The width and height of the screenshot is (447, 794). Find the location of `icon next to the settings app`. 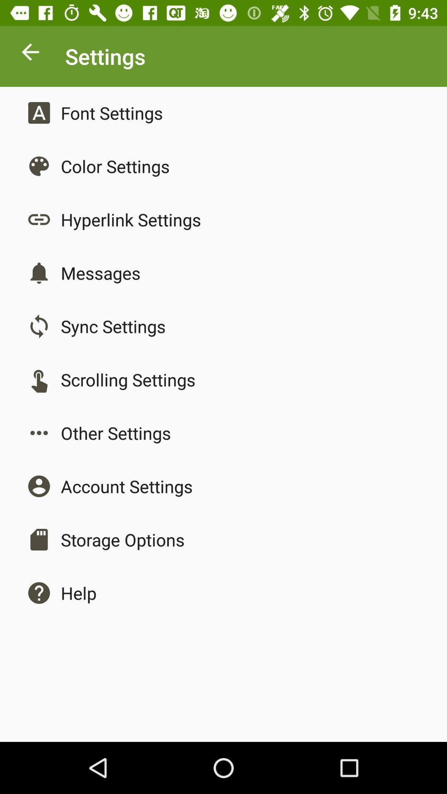

icon next to the settings app is located at coordinates (30, 54).